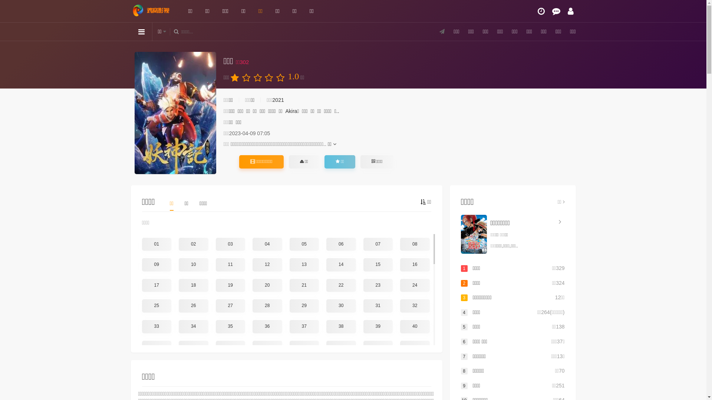  Describe the element at coordinates (194, 244) in the screenshot. I see `'02'` at that location.